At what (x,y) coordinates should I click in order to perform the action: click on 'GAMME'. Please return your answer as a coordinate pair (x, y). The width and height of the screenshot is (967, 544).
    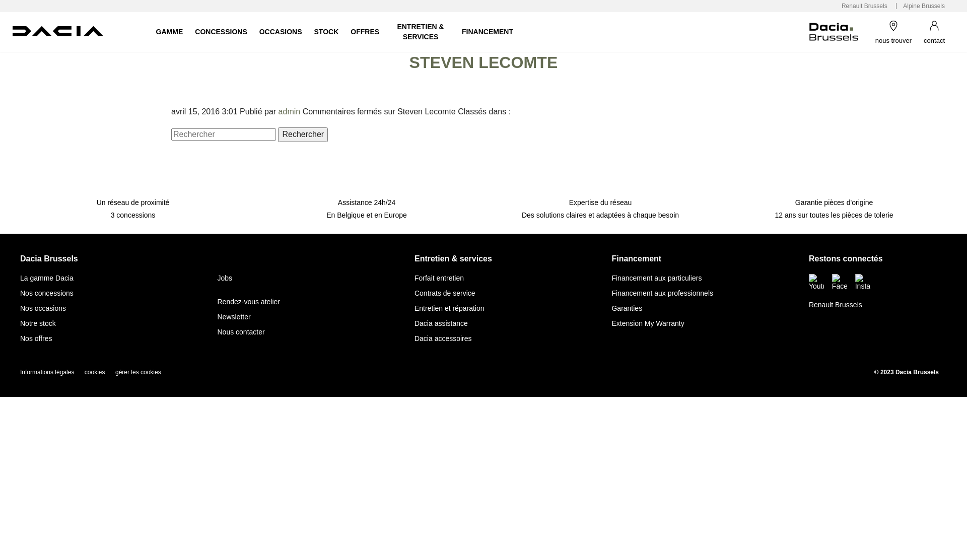
    Looking at the image, I should click on (149, 31).